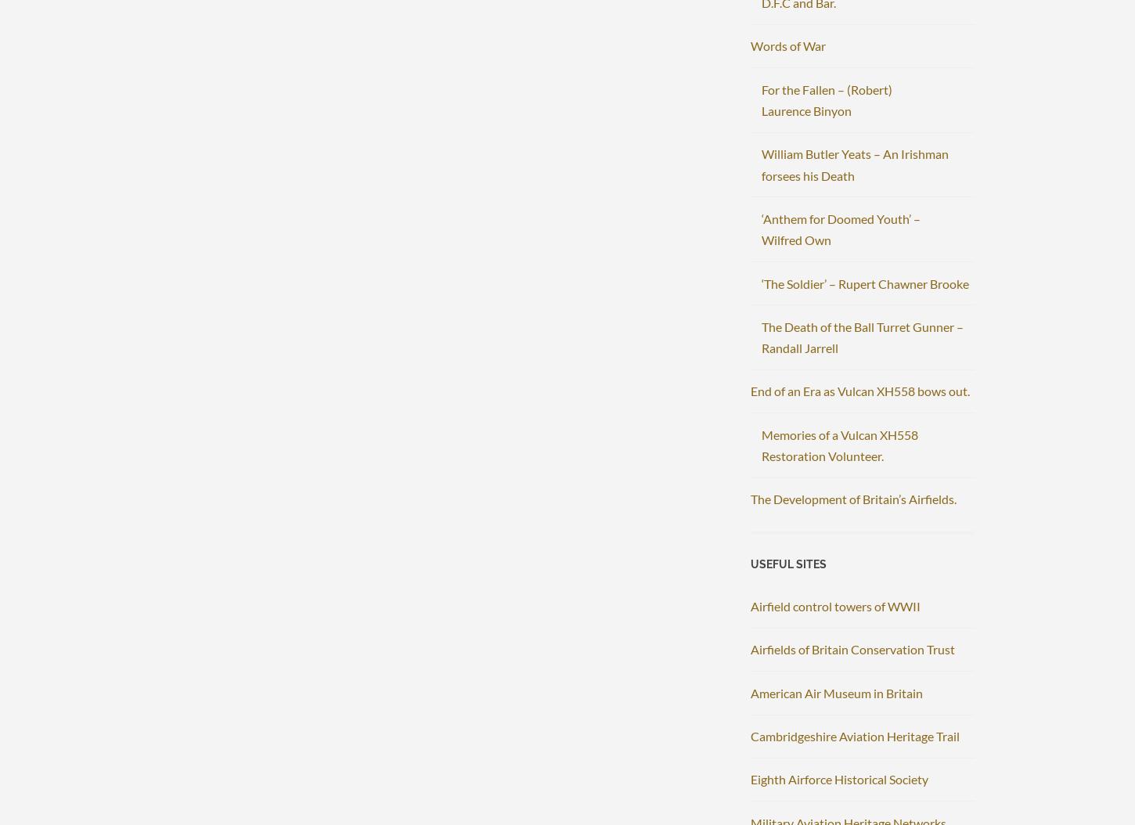 Image resolution: width=1135 pixels, height=825 pixels. What do you see at coordinates (760, 99) in the screenshot?
I see `'For the Fallen – (Robert) Laurence Binyon'` at bounding box center [760, 99].